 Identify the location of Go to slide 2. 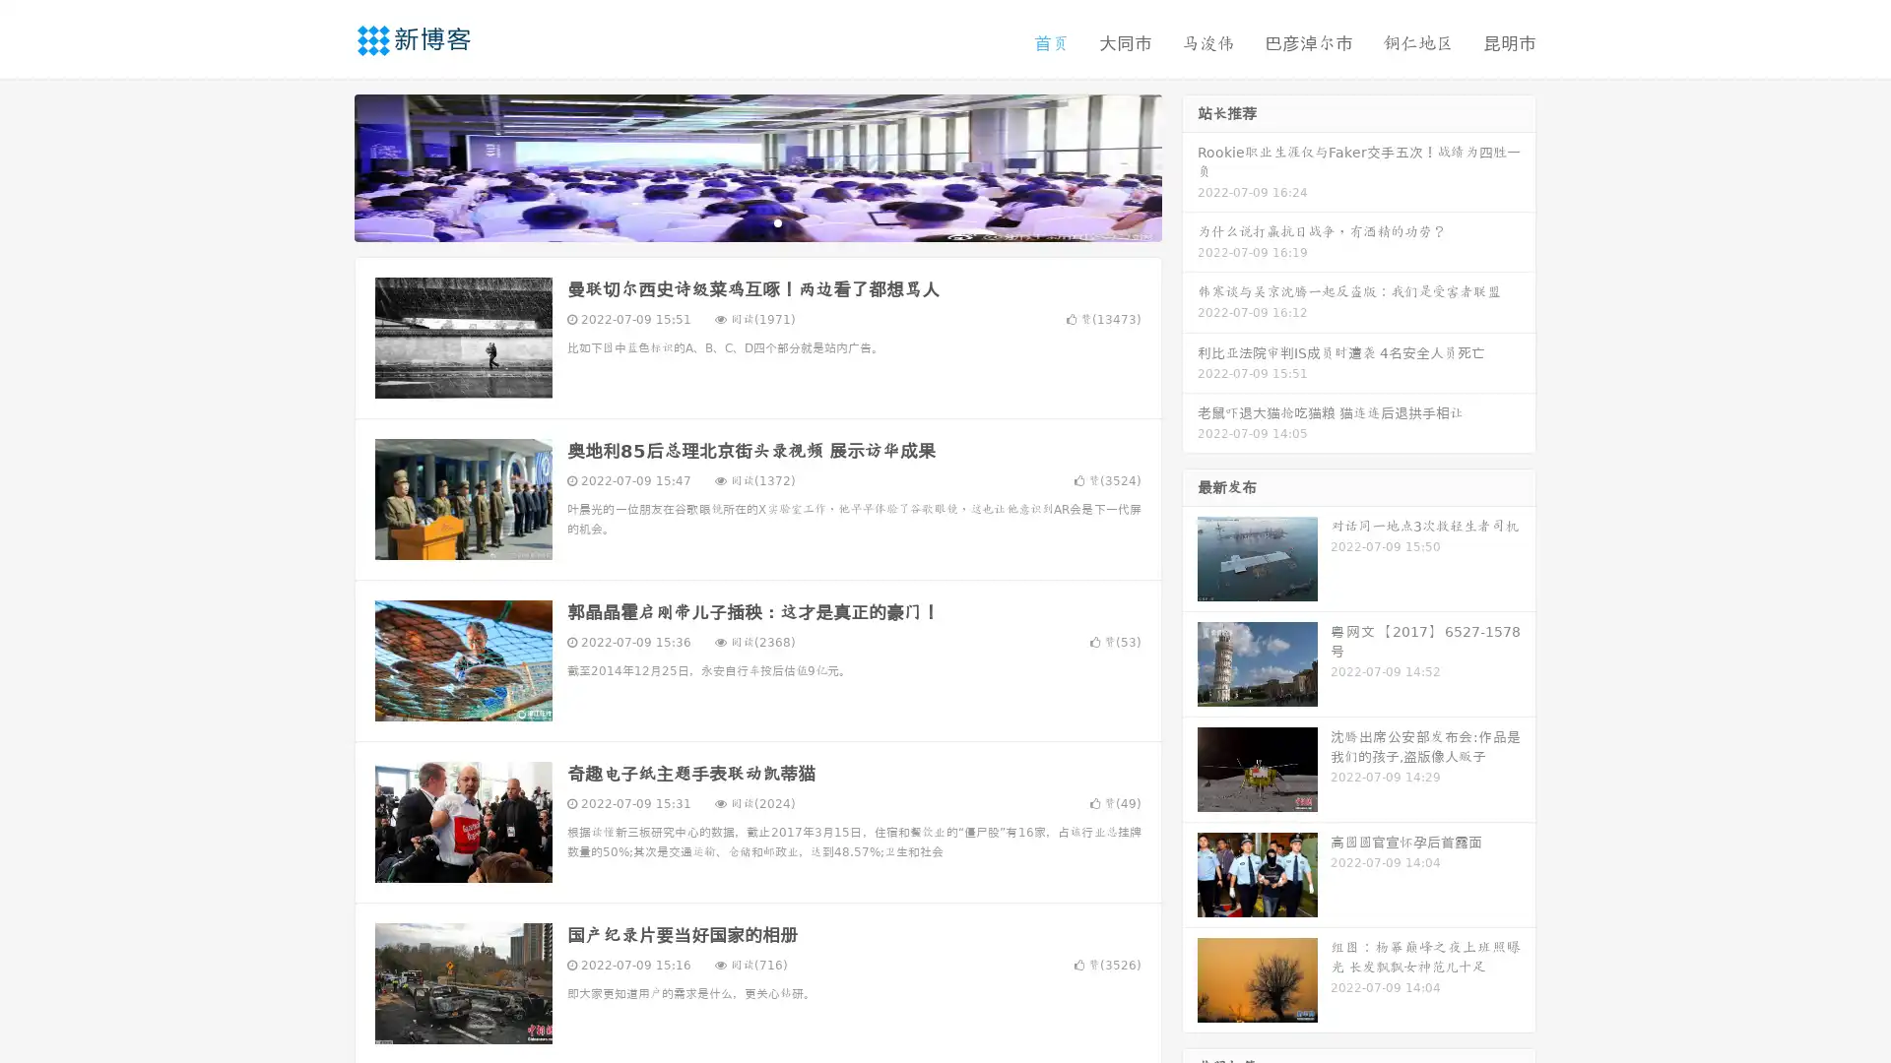
(756, 221).